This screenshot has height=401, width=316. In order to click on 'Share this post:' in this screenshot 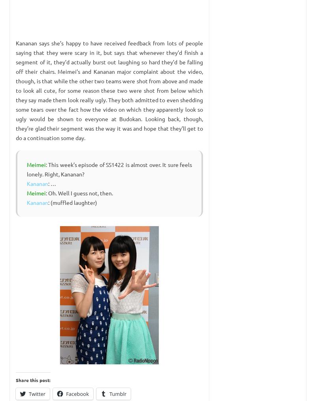, I will do `click(15, 380)`.